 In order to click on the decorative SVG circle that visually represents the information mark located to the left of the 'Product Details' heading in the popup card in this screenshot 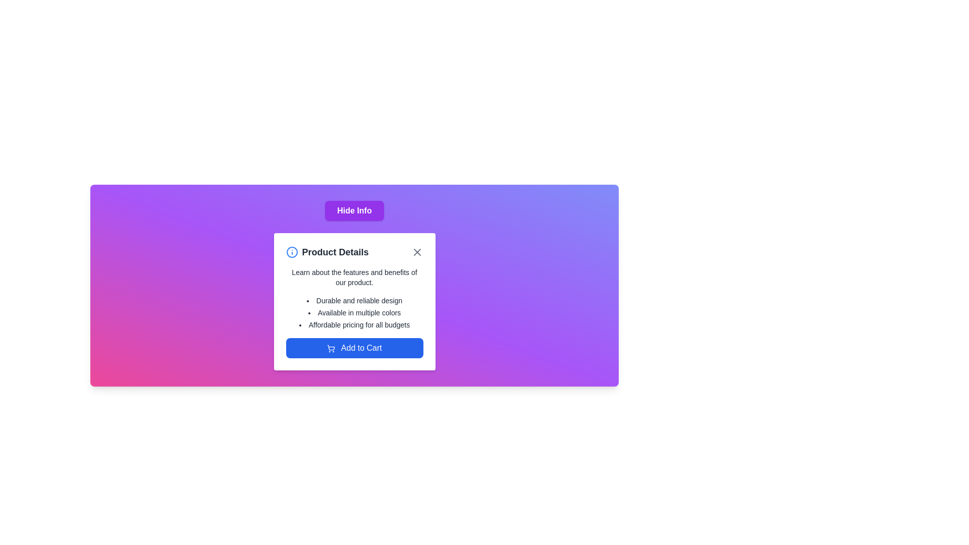, I will do `click(291, 252)`.